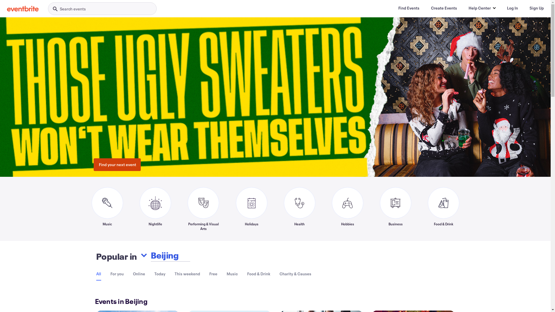  I want to click on 'Business', so click(395, 209).